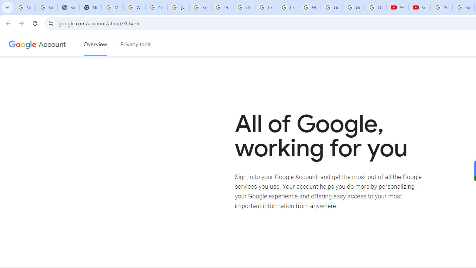 This screenshot has height=268, width=476. I want to click on 'Google Account overview', so click(95, 44).